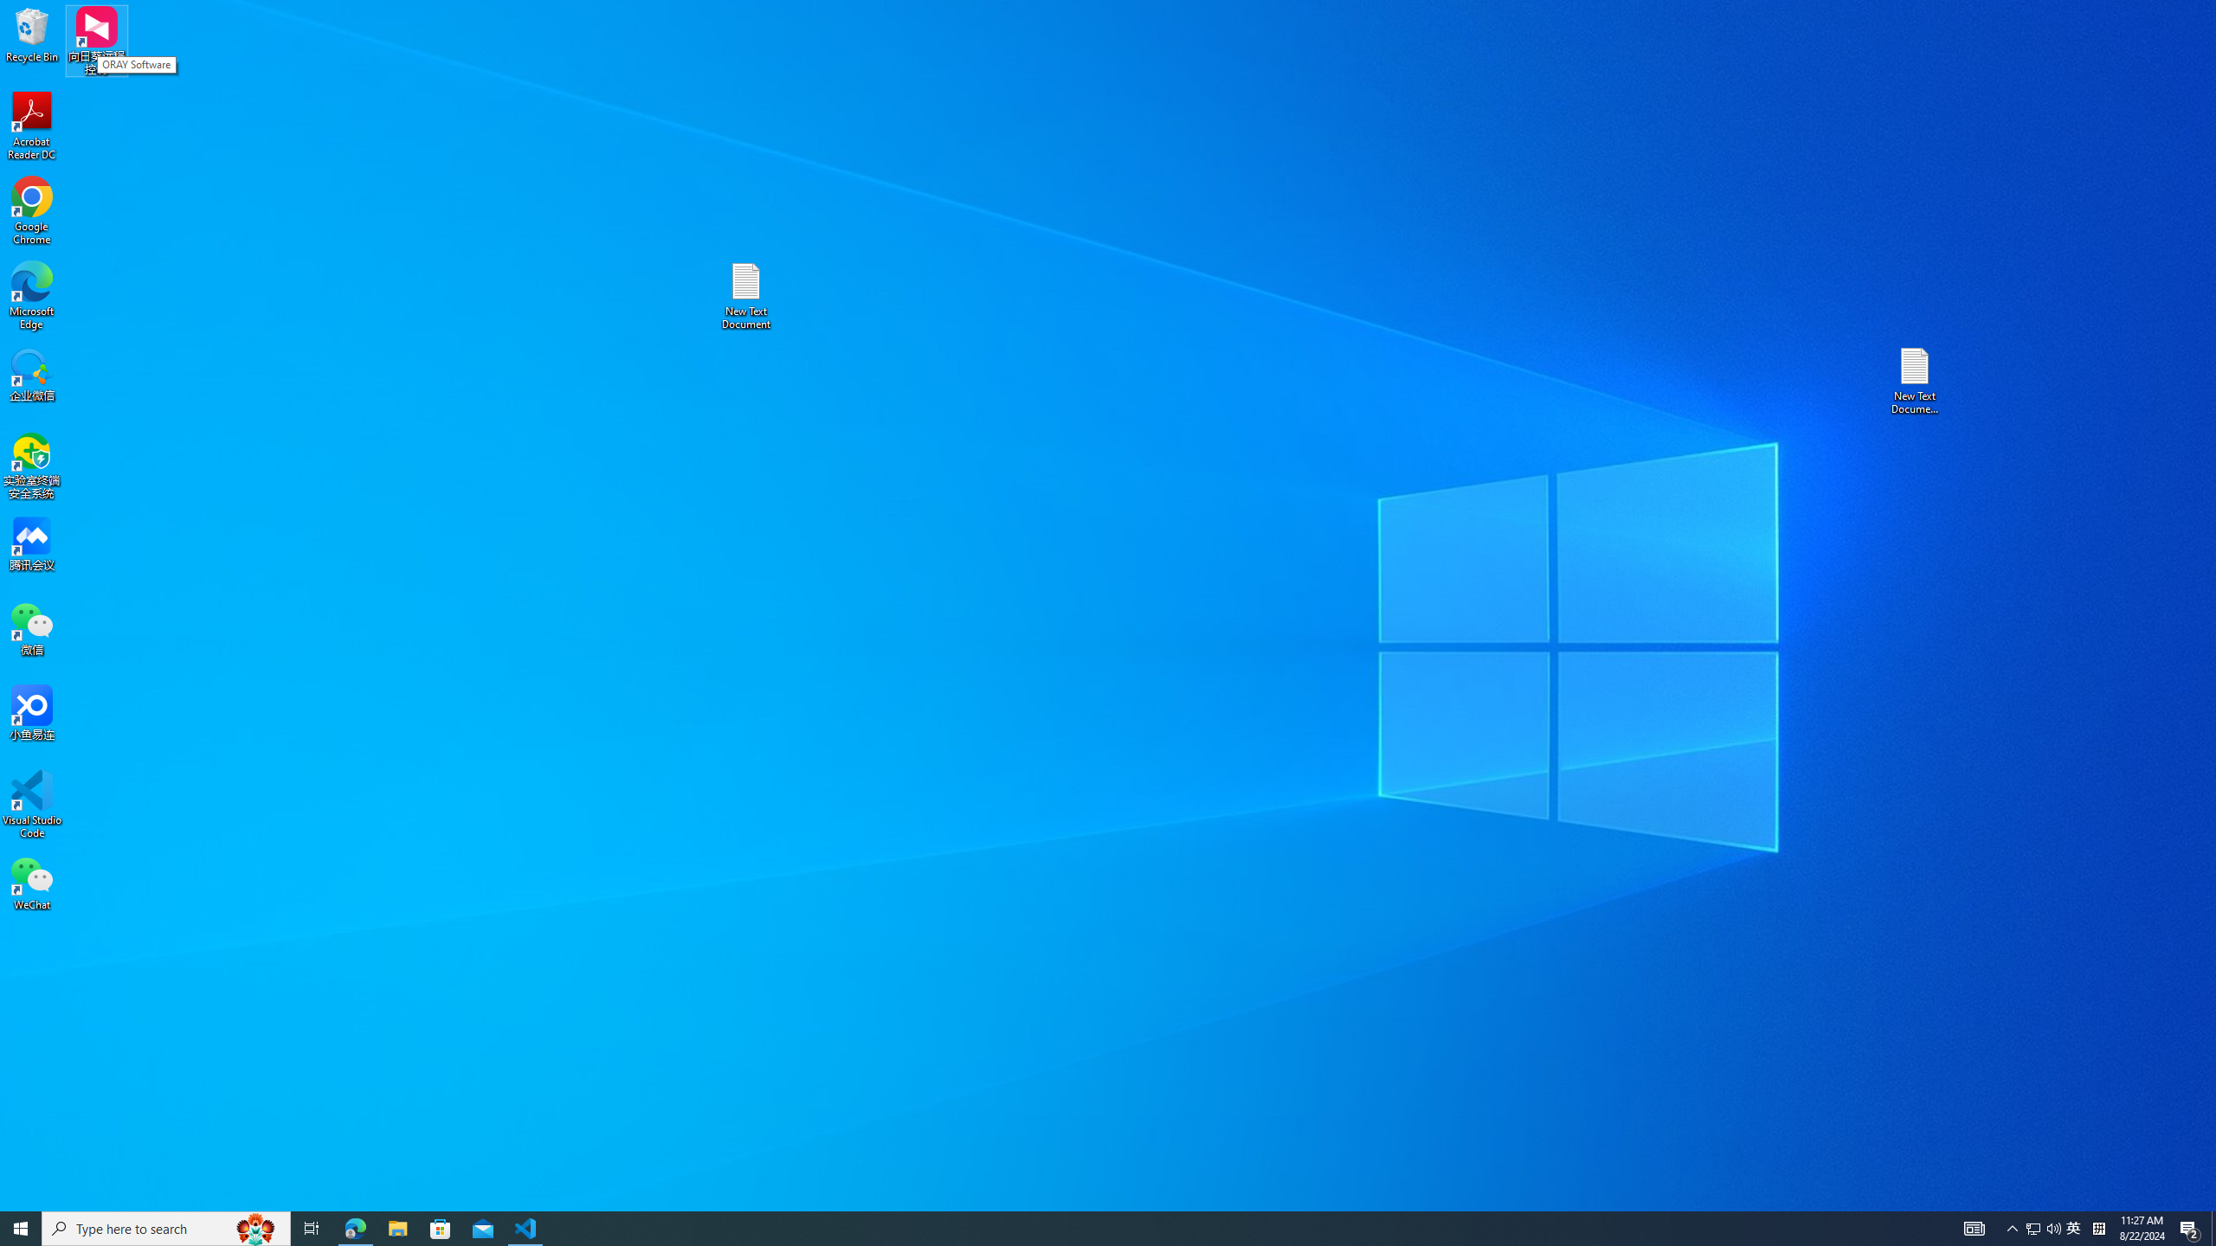 Image resolution: width=2216 pixels, height=1246 pixels. What do you see at coordinates (2190, 1227) in the screenshot?
I see `'Action Center, 2 new notifications'` at bounding box center [2190, 1227].